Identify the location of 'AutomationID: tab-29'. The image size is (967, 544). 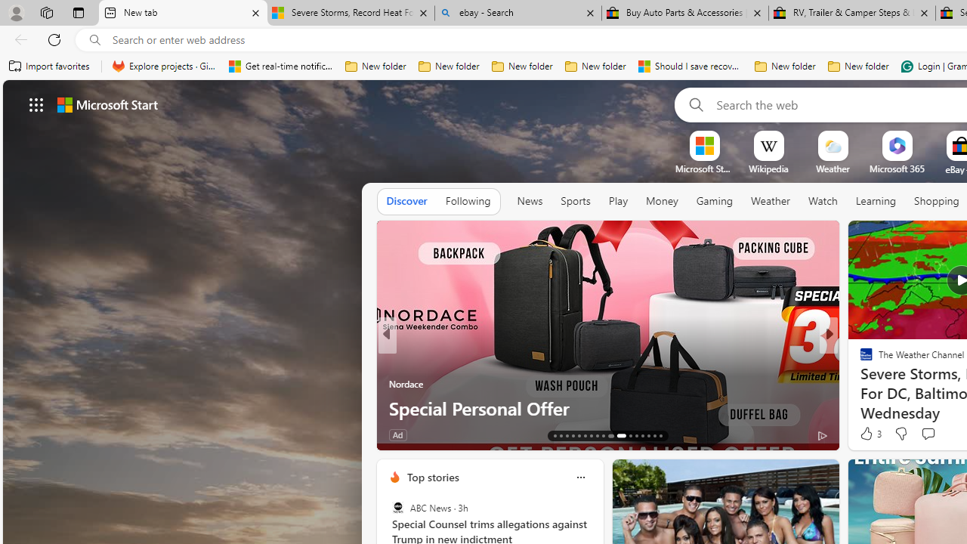
(660, 436).